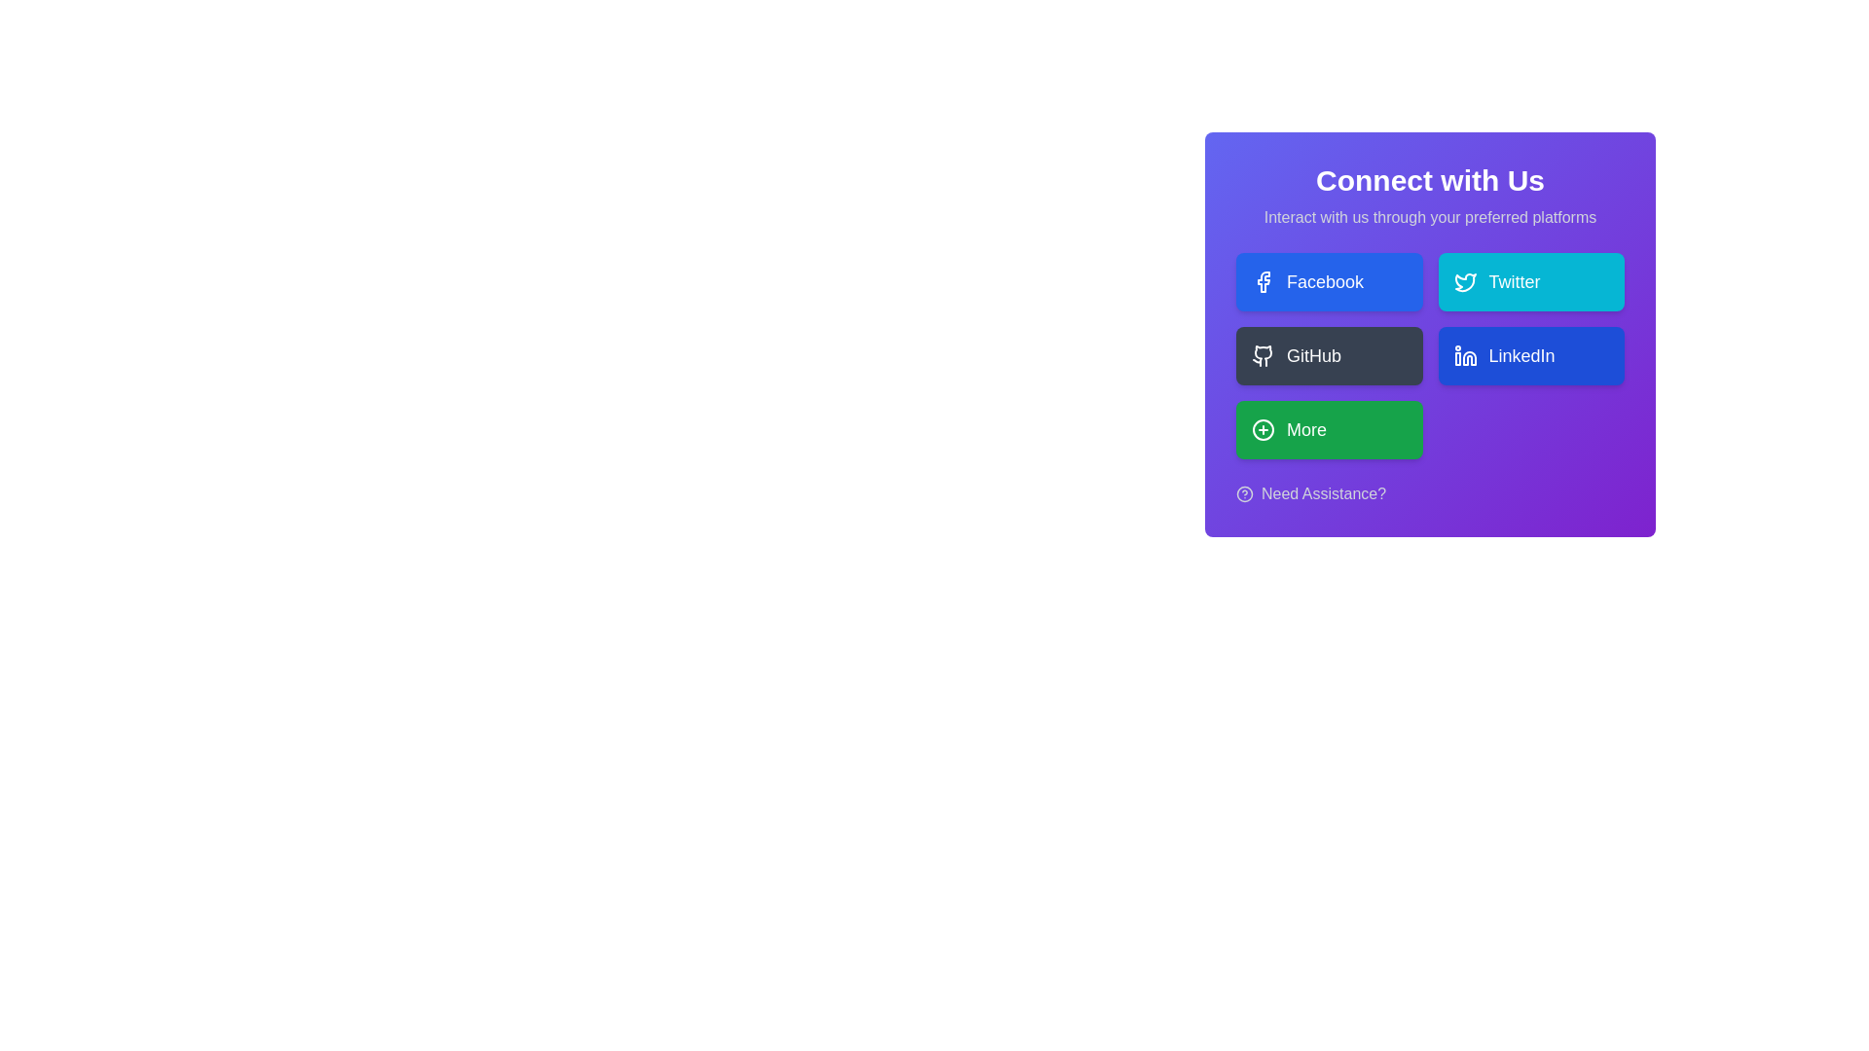  What do you see at coordinates (1263, 356) in the screenshot?
I see `the 'GitHub' button that contains the SVG graphic of a stylized cat logo` at bounding box center [1263, 356].